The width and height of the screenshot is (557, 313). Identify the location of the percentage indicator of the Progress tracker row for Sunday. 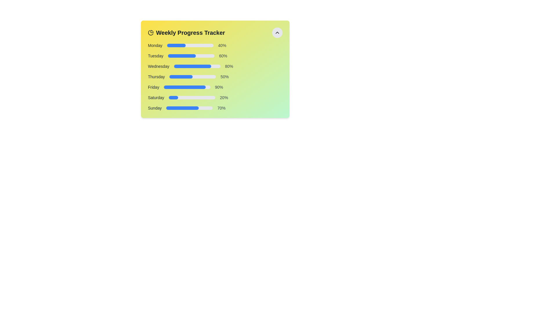
(215, 108).